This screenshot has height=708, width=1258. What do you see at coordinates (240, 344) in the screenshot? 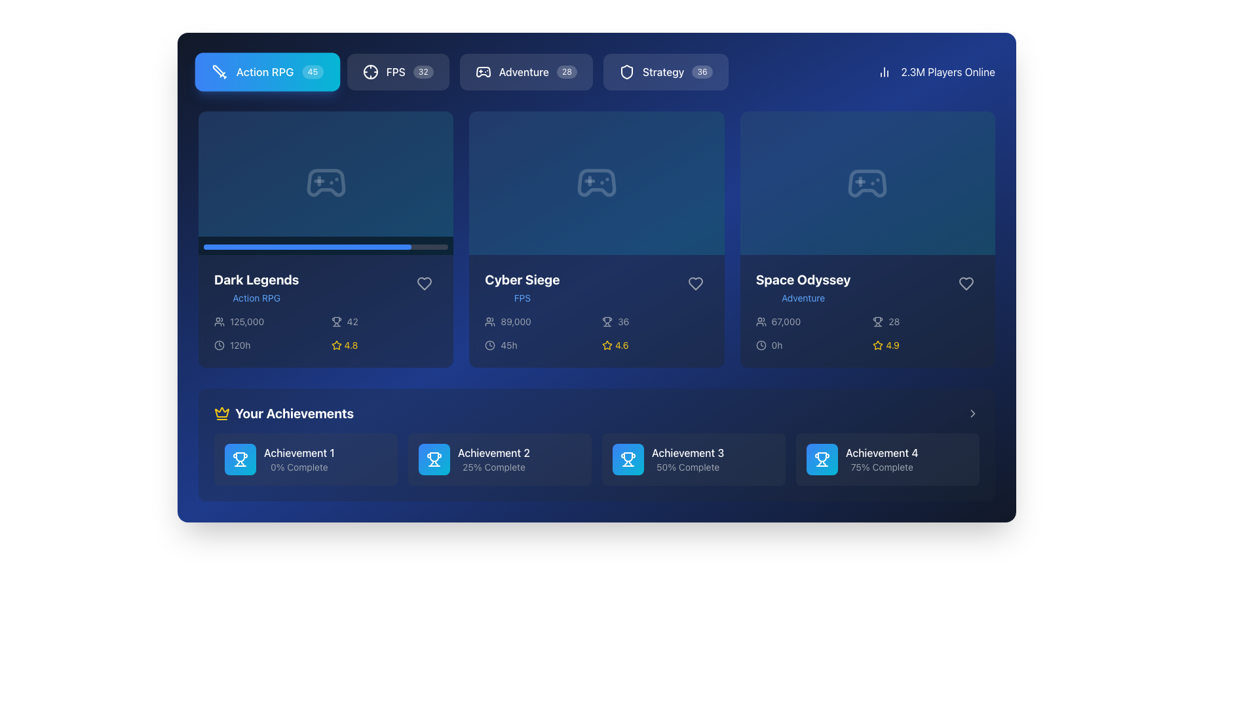
I see `the text label indicating total hours invested in the game 'Dark Legends,' which is located to the left of the clock icon in the game details section` at bounding box center [240, 344].